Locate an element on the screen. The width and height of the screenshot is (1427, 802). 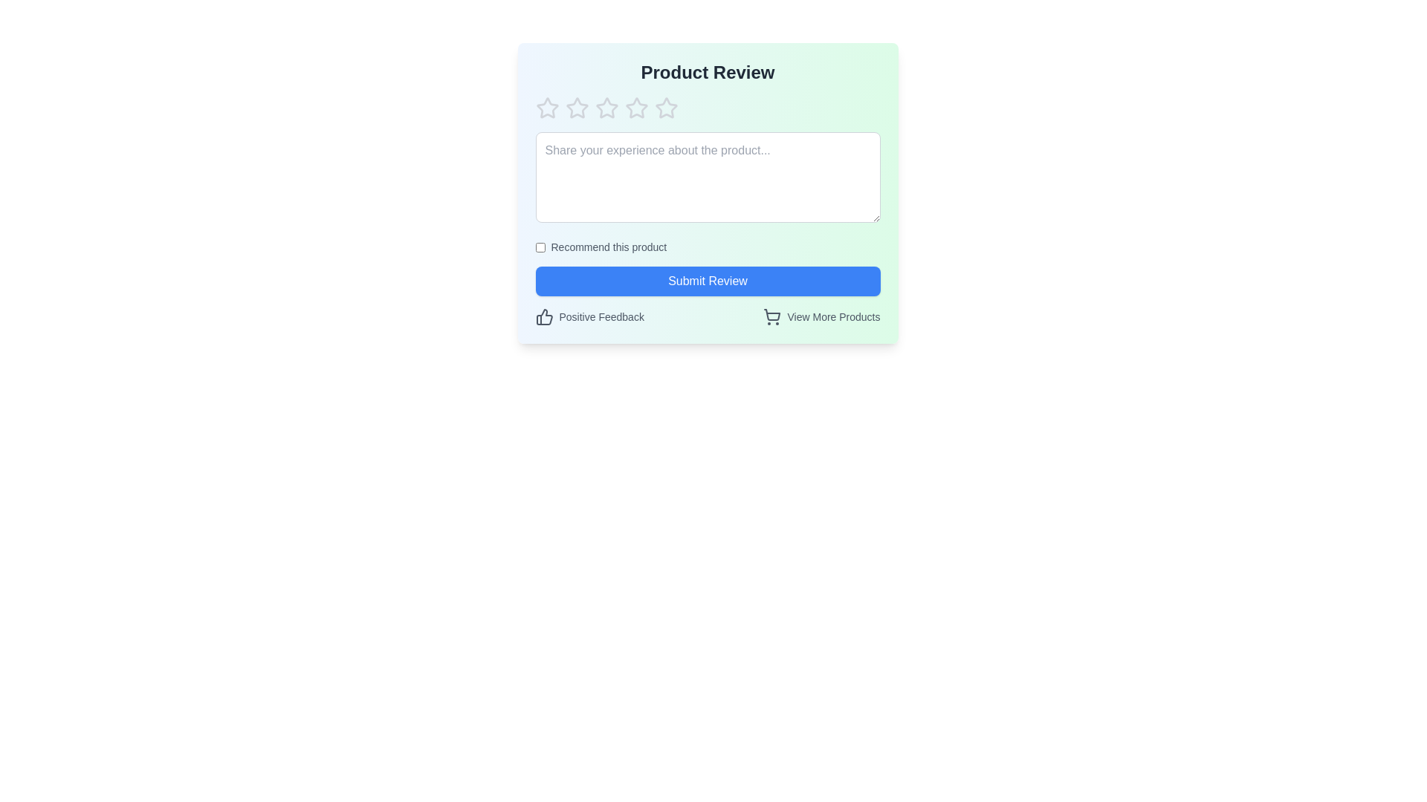
the text area and input the review text is located at coordinates (707, 177).